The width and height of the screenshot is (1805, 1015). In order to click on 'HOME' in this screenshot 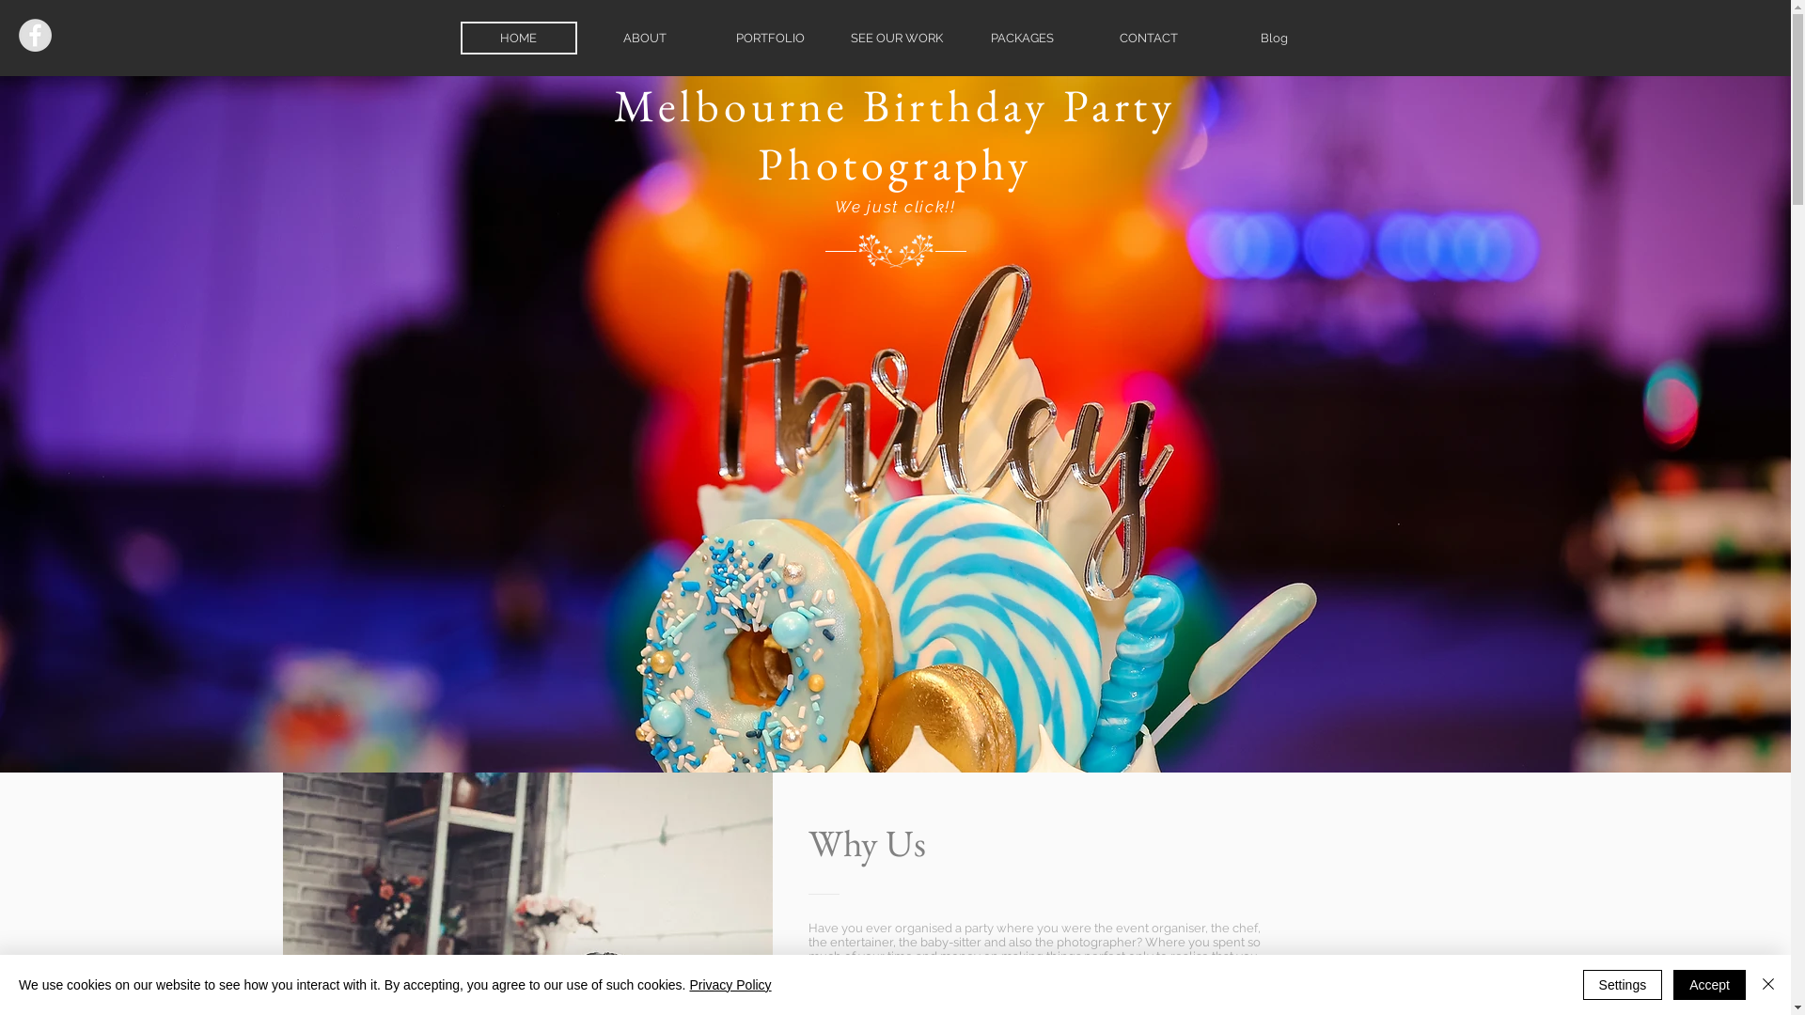, I will do `click(519, 38)`.